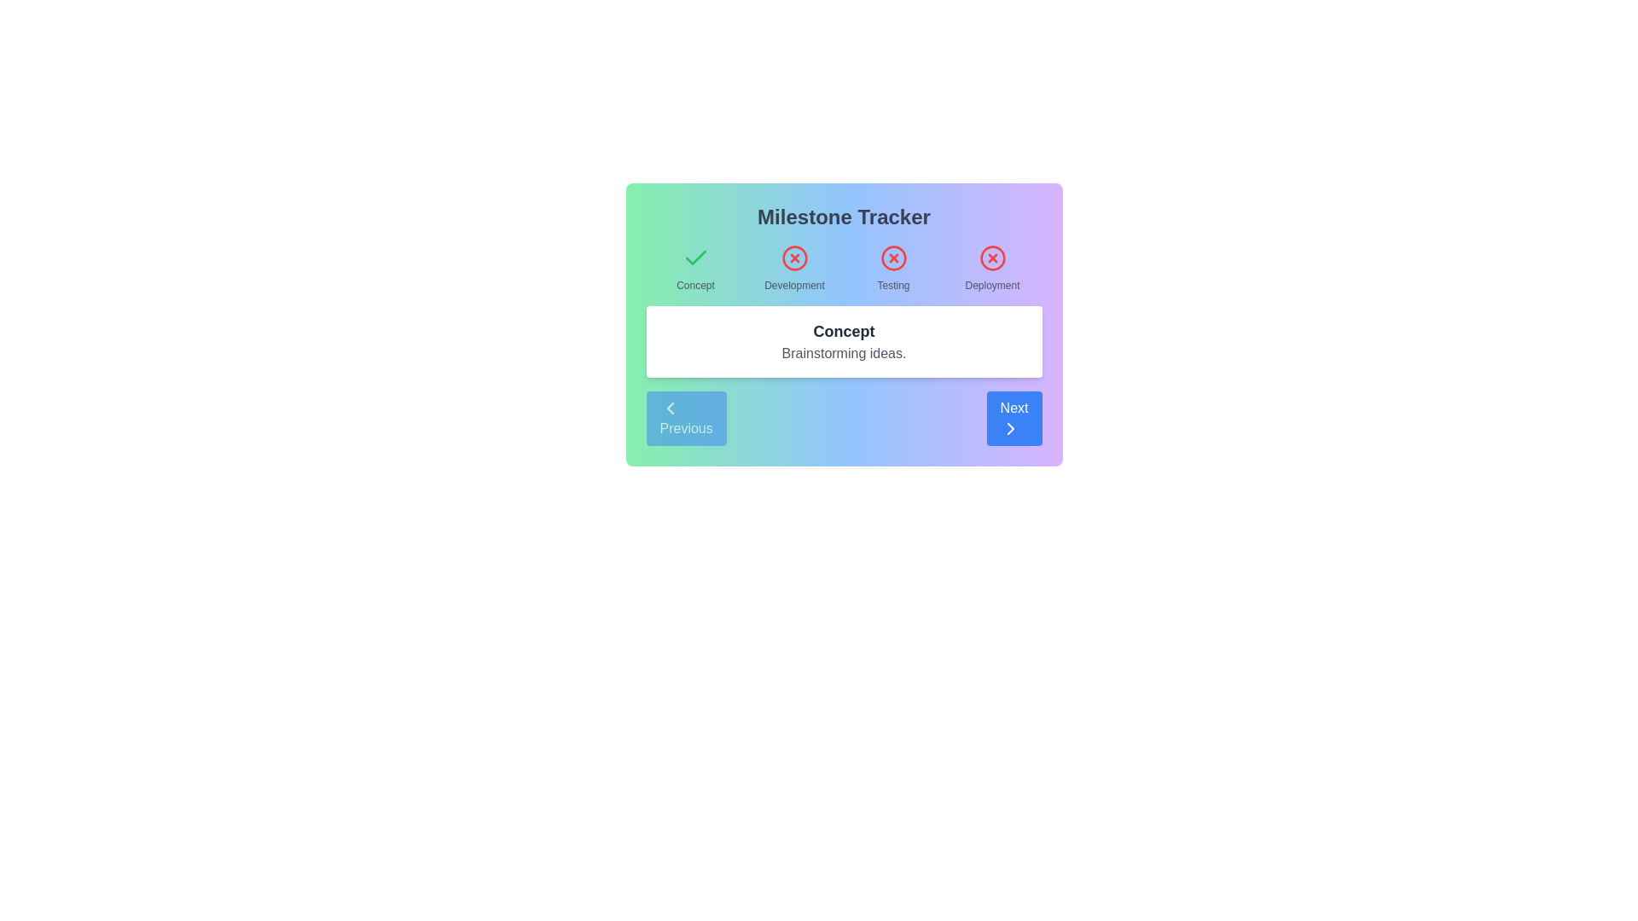  Describe the element at coordinates (892, 258) in the screenshot. I see `the circular shape with a red stroke and red background, which is part of the milestone tracker interface and represents the third milestone labeled 'Testing'` at that location.